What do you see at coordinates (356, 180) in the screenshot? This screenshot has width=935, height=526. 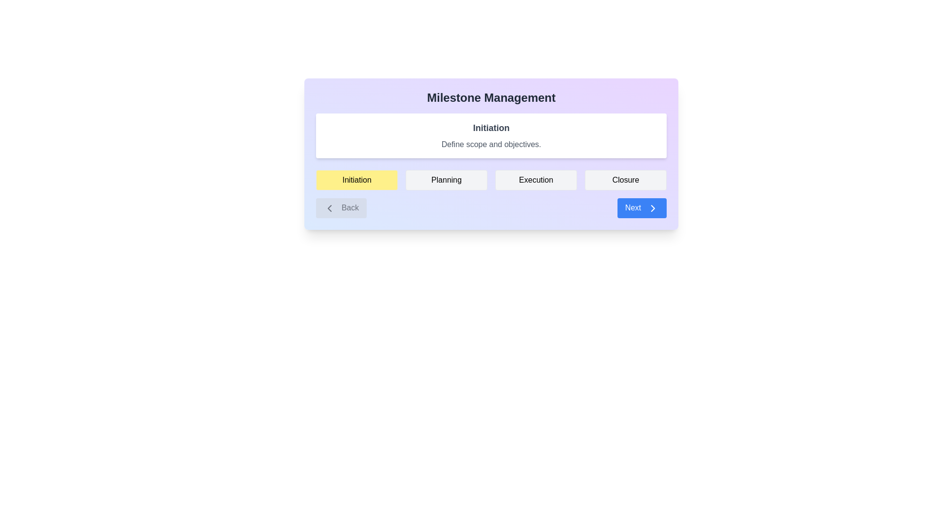 I see `the milestone label styled as a button indicating 'Initiation', which is the first in a sequence of milestone labels aligned horizontally` at bounding box center [356, 180].